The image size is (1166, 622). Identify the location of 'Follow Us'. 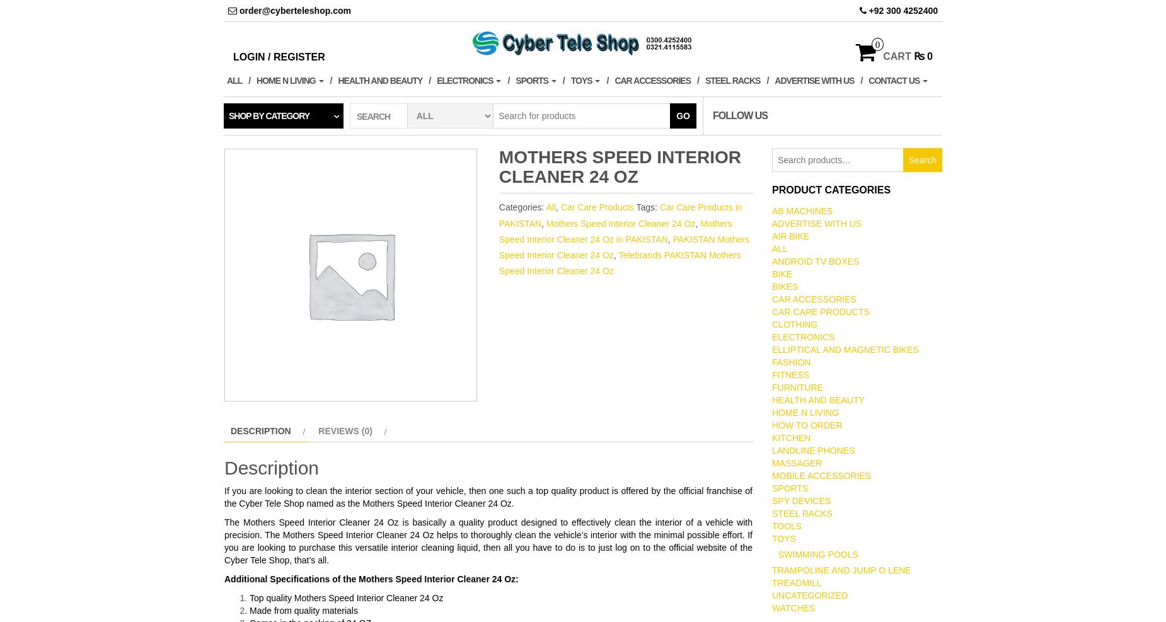
(739, 114).